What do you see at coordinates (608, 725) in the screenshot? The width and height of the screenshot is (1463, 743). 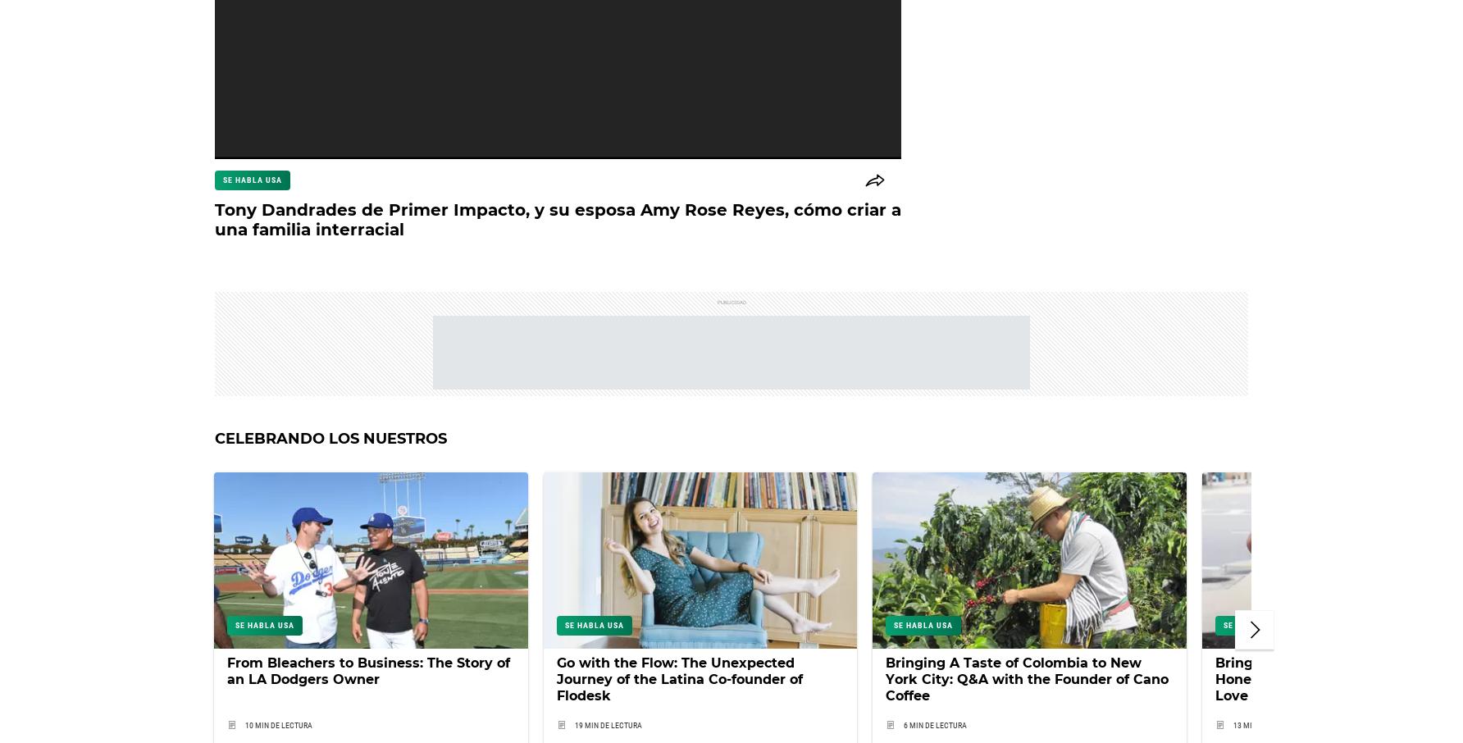 I see `'19 min de lectura'` at bounding box center [608, 725].